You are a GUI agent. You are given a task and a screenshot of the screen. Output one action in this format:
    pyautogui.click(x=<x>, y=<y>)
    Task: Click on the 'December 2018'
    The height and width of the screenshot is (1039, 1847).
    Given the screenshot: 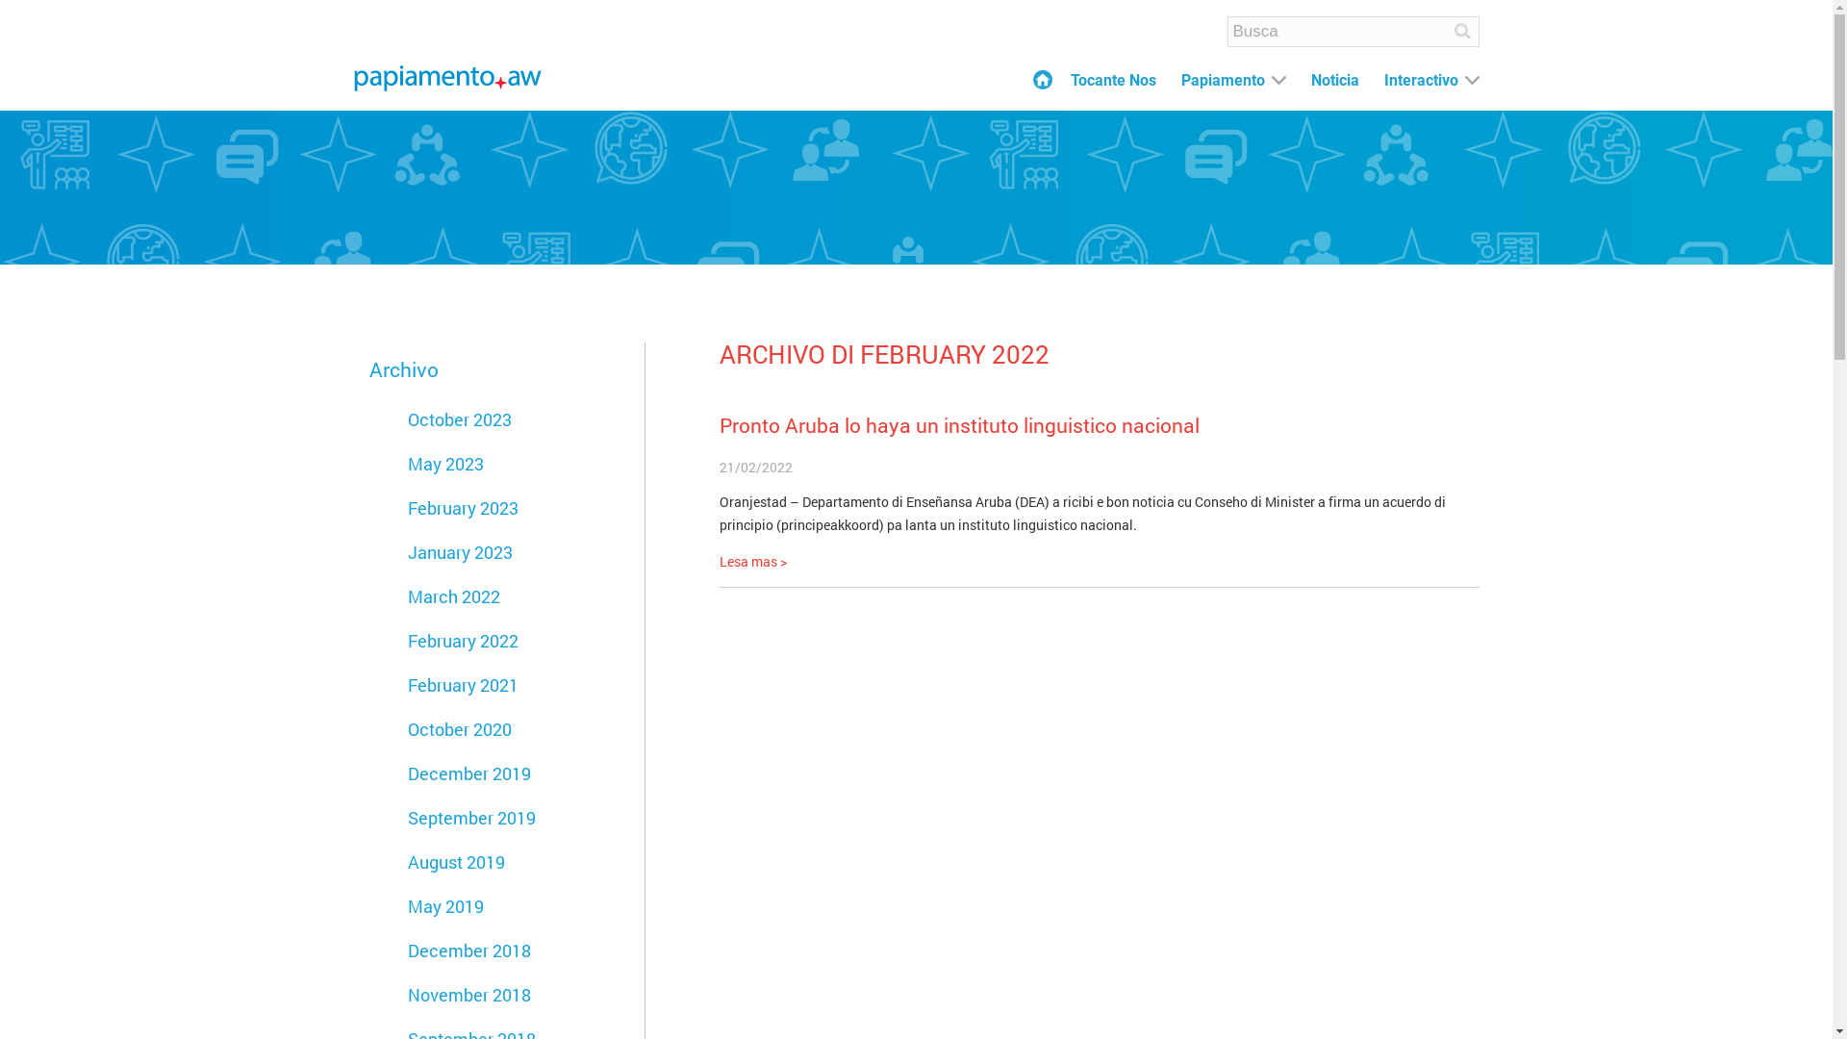 What is the action you would take?
    pyautogui.click(x=469, y=949)
    